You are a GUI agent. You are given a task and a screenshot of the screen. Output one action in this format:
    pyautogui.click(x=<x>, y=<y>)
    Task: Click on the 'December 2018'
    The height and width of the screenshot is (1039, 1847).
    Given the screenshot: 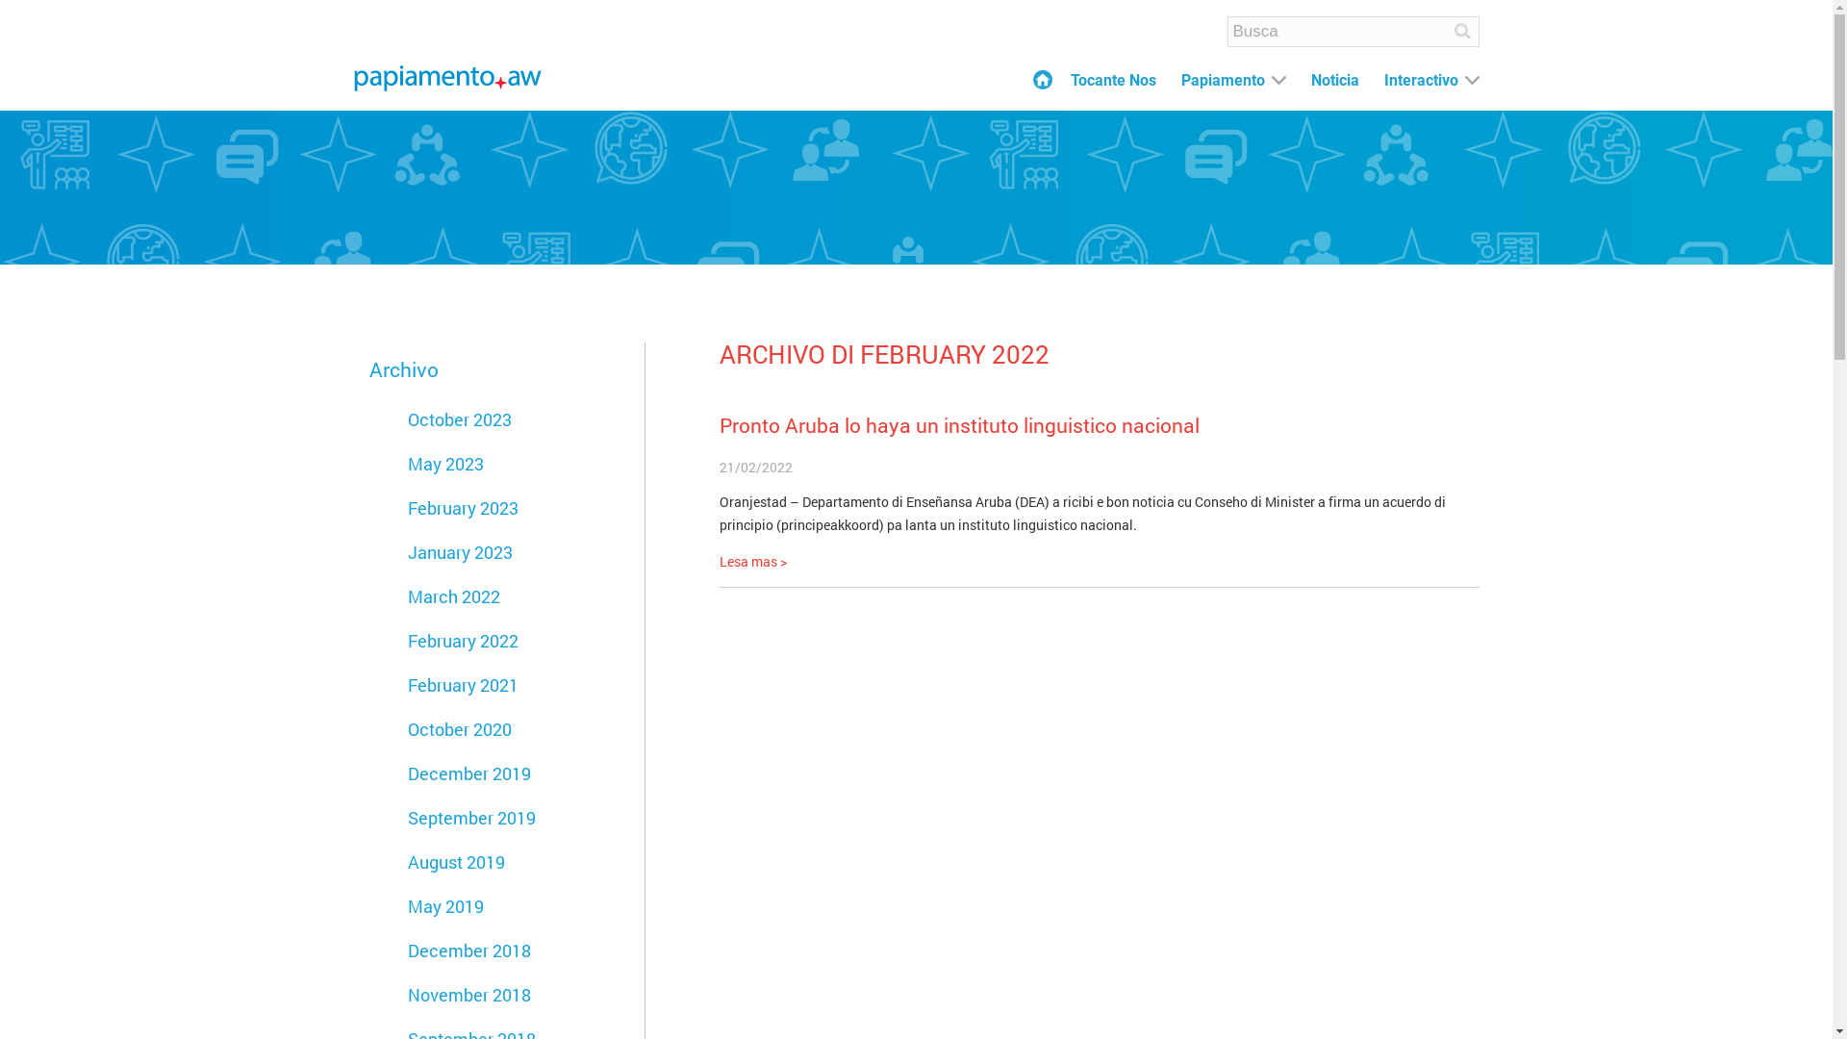 What is the action you would take?
    pyautogui.click(x=469, y=949)
    